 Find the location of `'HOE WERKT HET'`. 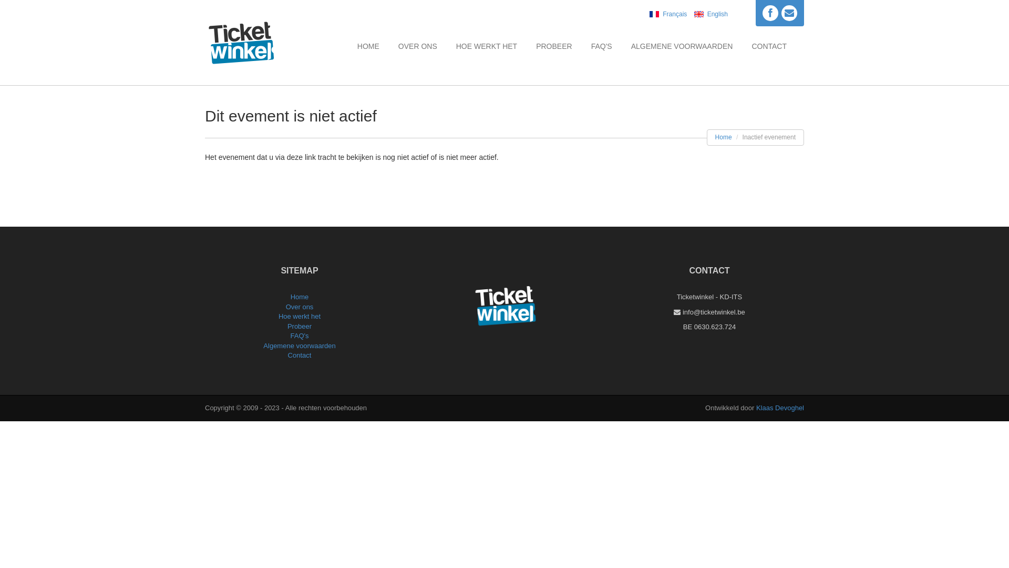

'HOE WERKT HET' is located at coordinates (486, 46).